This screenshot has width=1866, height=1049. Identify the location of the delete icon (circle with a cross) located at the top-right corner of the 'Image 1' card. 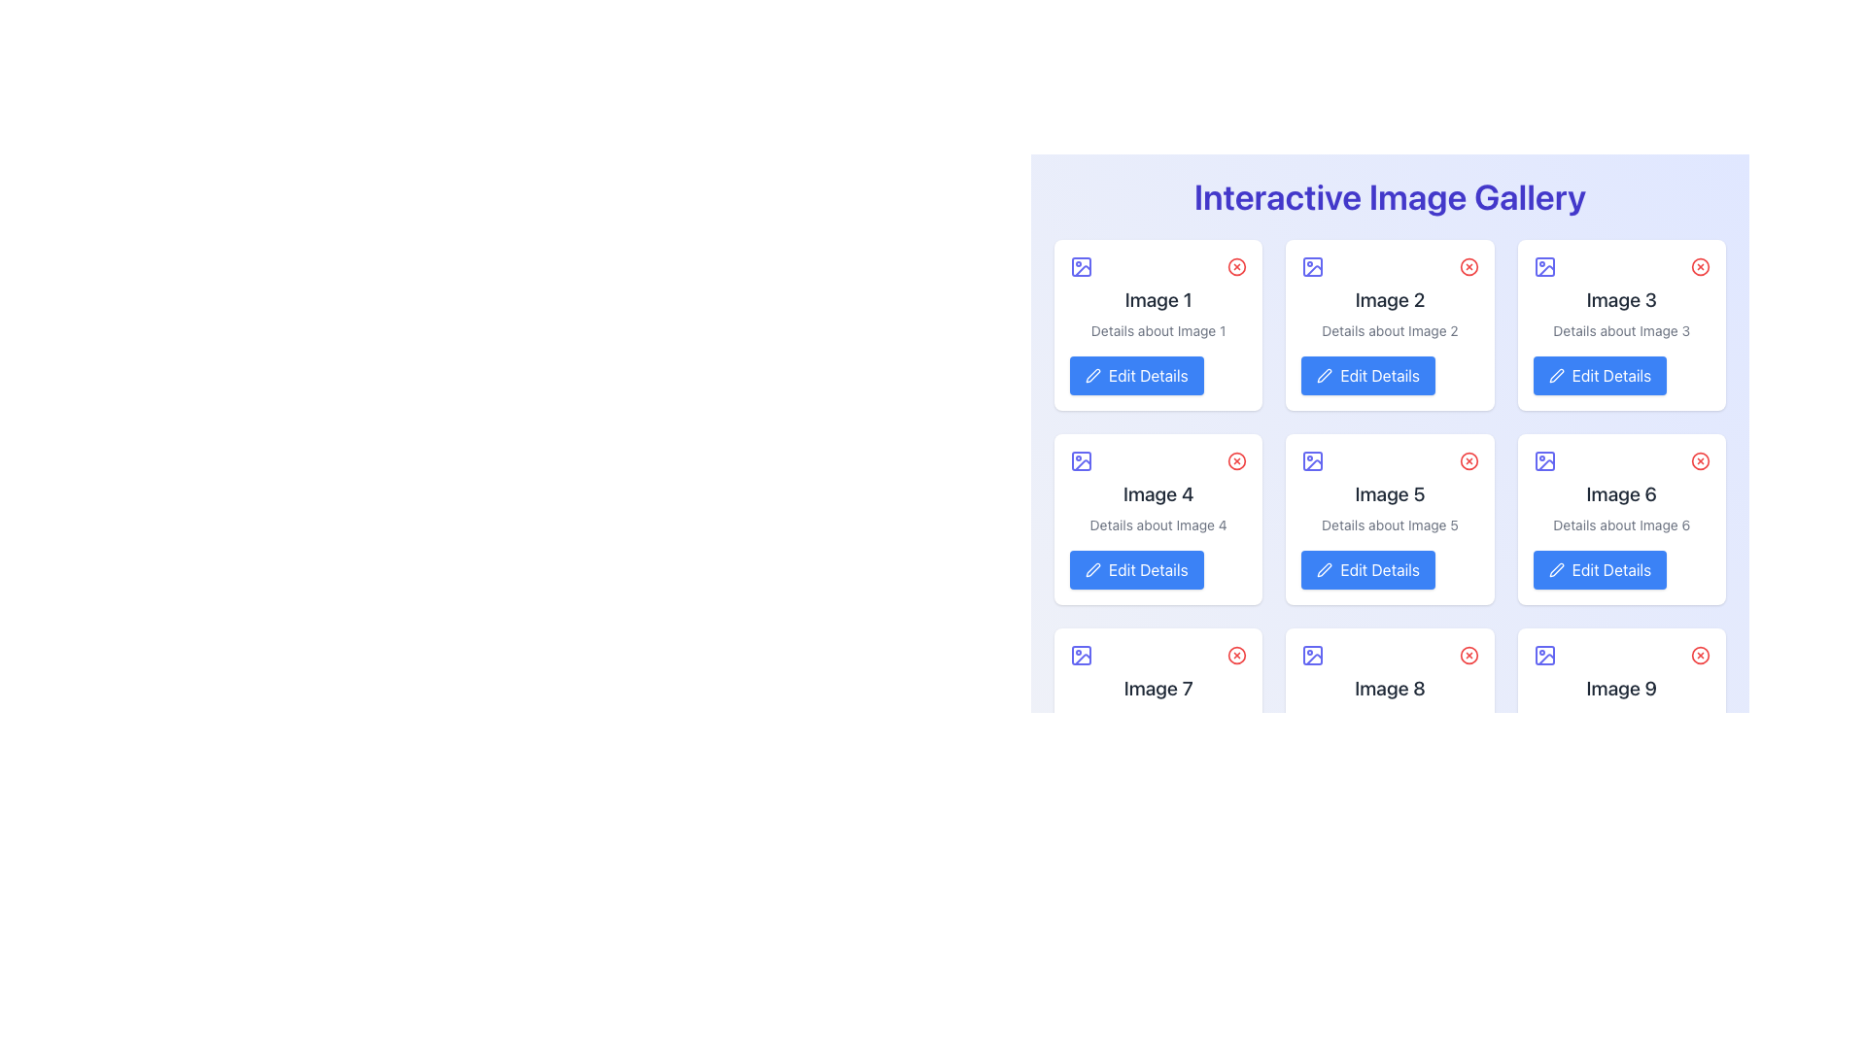
(1236, 266).